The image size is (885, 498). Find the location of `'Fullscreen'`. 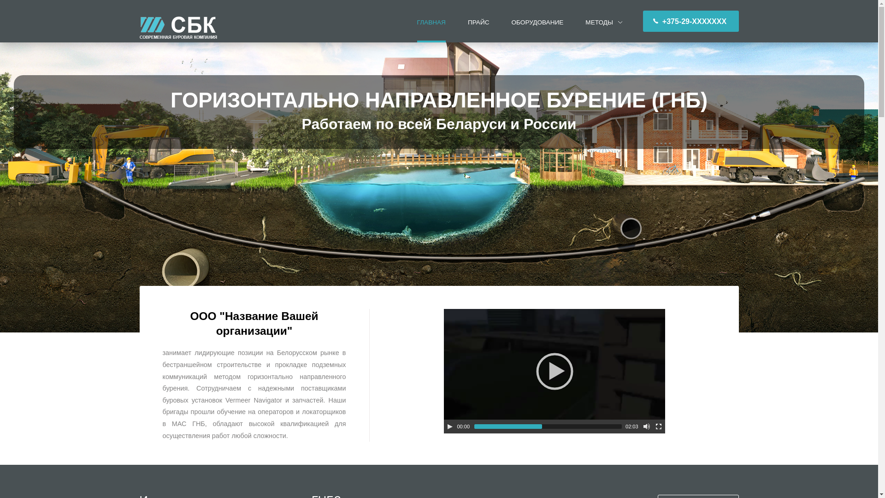

'Fullscreen' is located at coordinates (658, 427).